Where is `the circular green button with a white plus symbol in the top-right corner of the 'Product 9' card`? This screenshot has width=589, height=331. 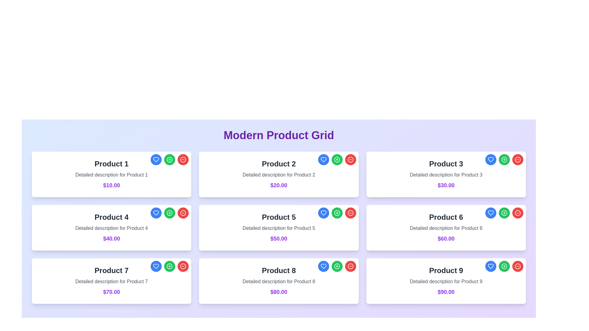 the circular green button with a white plus symbol in the top-right corner of the 'Product 9' card is located at coordinates (504, 266).